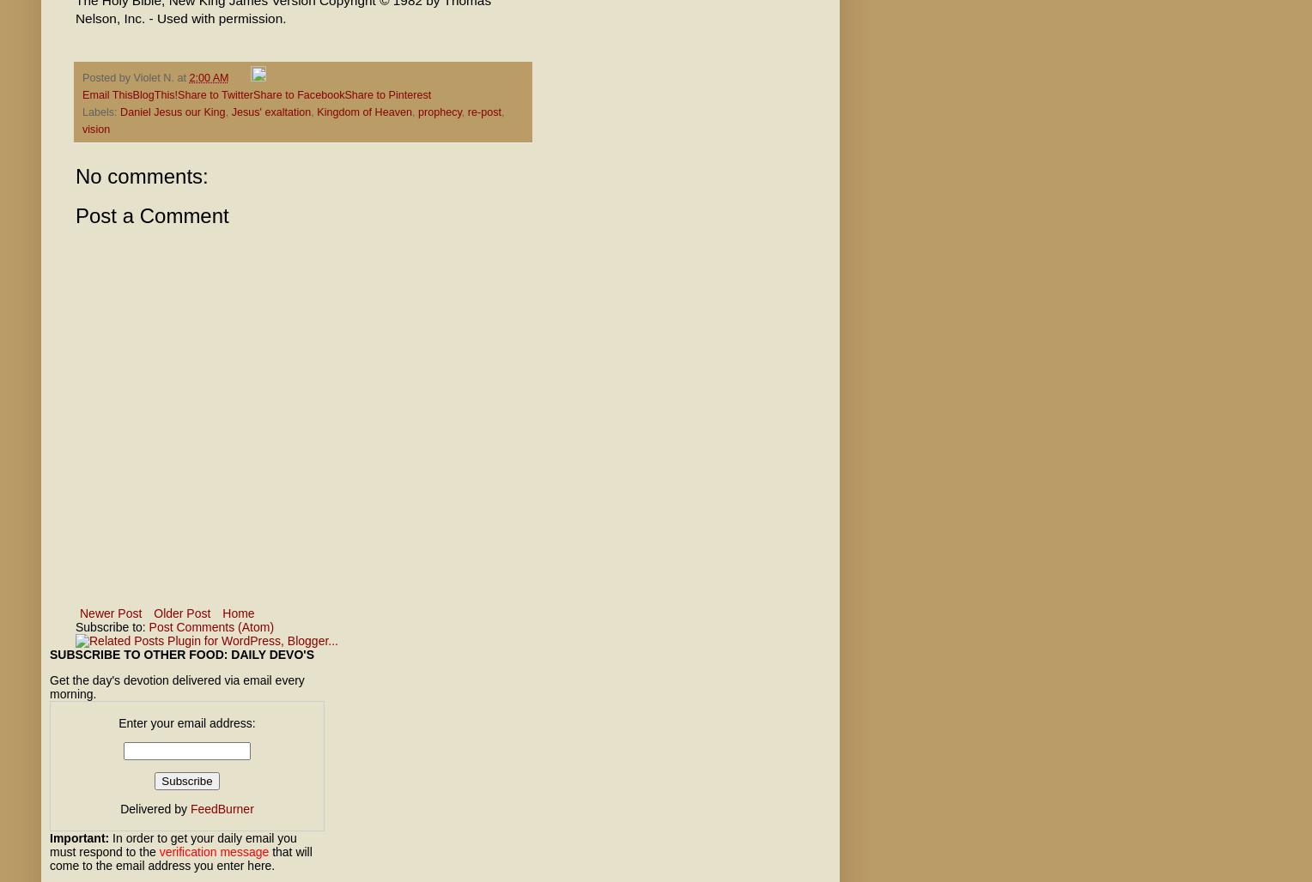 This screenshot has width=1312, height=882. What do you see at coordinates (230, 112) in the screenshot?
I see `'Jesus' exaltation'` at bounding box center [230, 112].